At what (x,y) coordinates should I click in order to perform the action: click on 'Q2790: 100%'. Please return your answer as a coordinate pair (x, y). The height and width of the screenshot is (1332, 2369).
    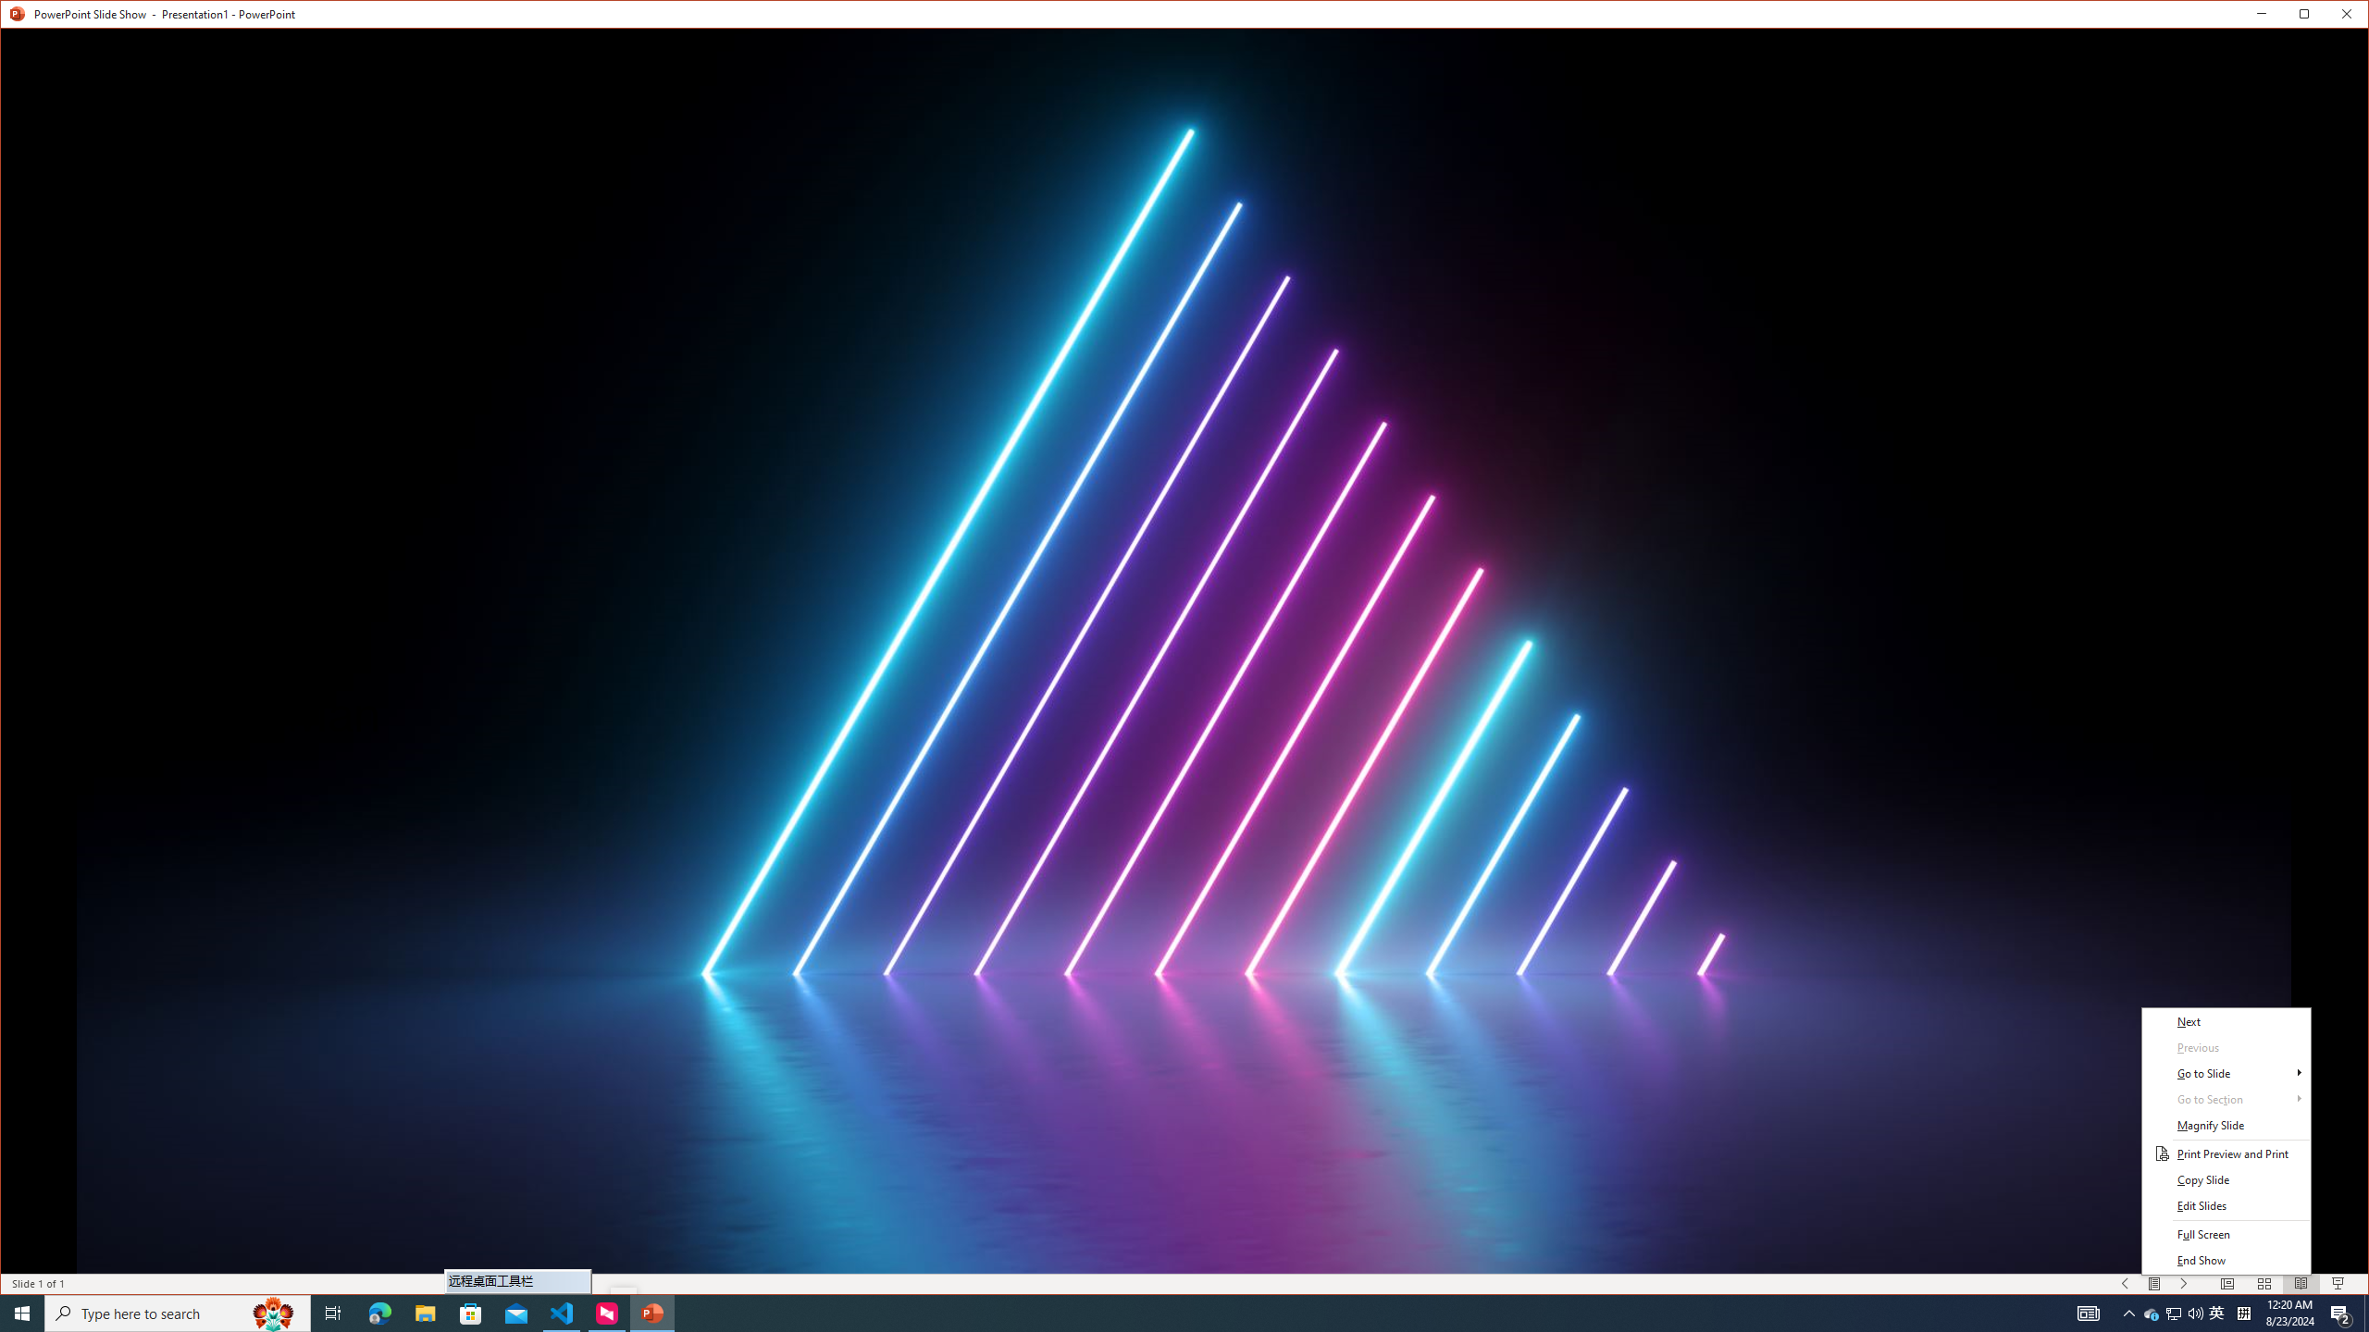
    Looking at the image, I should click on (2195, 1312).